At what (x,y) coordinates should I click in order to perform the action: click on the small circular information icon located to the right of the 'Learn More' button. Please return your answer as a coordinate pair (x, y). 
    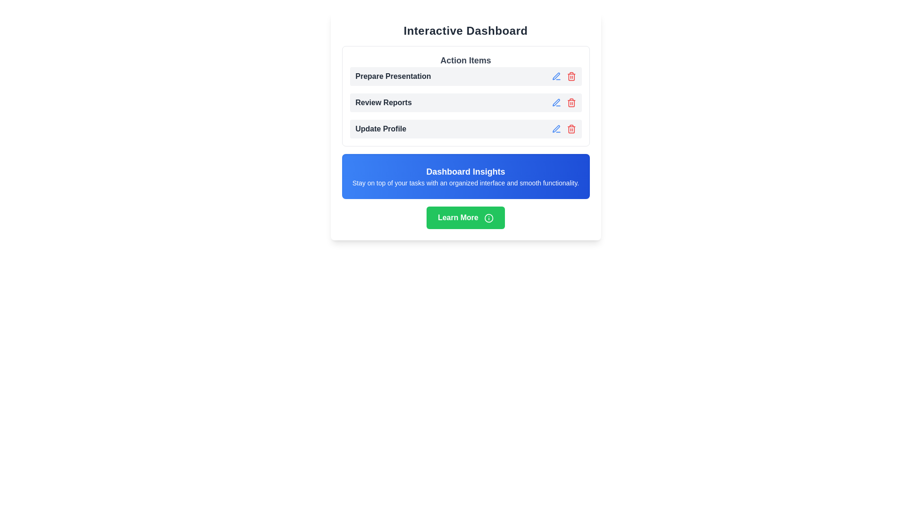
    Looking at the image, I should click on (488, 218).